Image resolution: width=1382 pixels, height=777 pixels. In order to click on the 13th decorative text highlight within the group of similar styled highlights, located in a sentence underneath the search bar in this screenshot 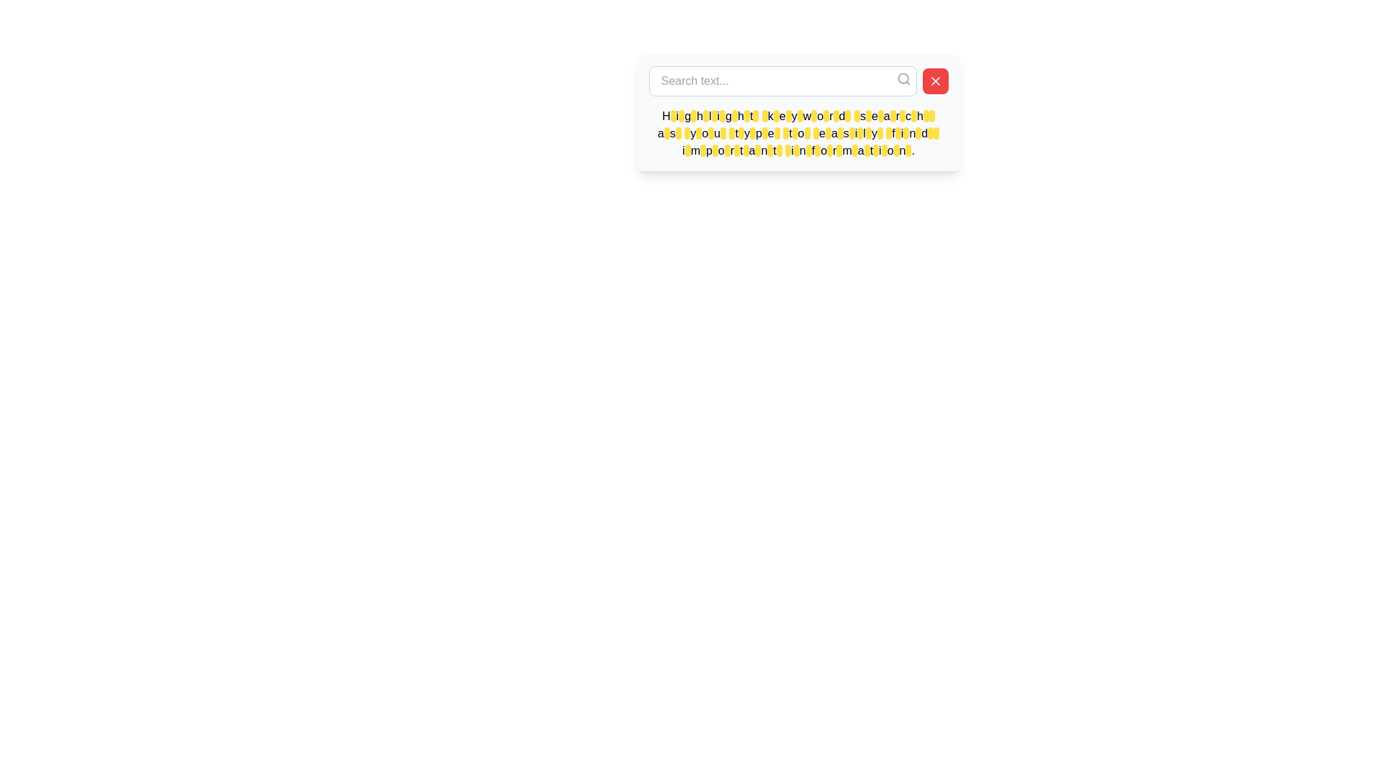, I will do `click(715, 150)`.